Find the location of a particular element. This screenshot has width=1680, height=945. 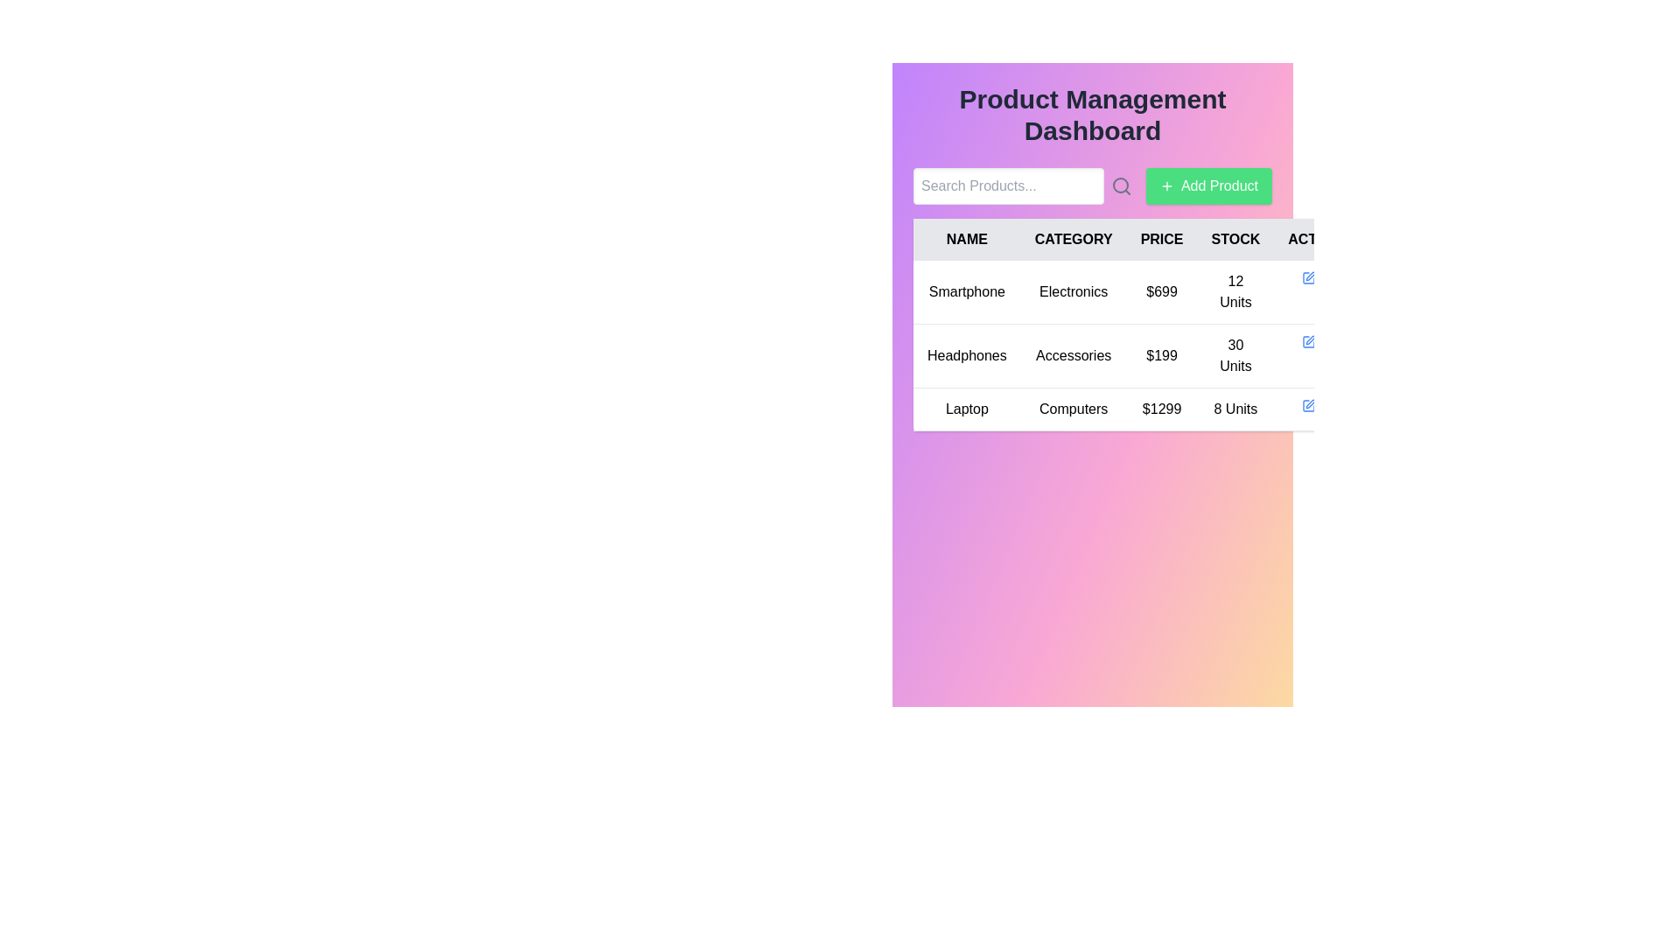

the 'Computers' label located in the CATEGORY column of the table interface, which is positioned in the third row and second column, adjacent to 'Laptop' and '$1299' is located at coordinates (1073, 409).